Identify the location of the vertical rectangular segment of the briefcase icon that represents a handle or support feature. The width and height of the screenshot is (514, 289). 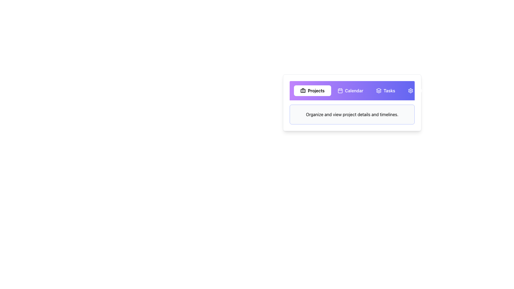
(303, 90).